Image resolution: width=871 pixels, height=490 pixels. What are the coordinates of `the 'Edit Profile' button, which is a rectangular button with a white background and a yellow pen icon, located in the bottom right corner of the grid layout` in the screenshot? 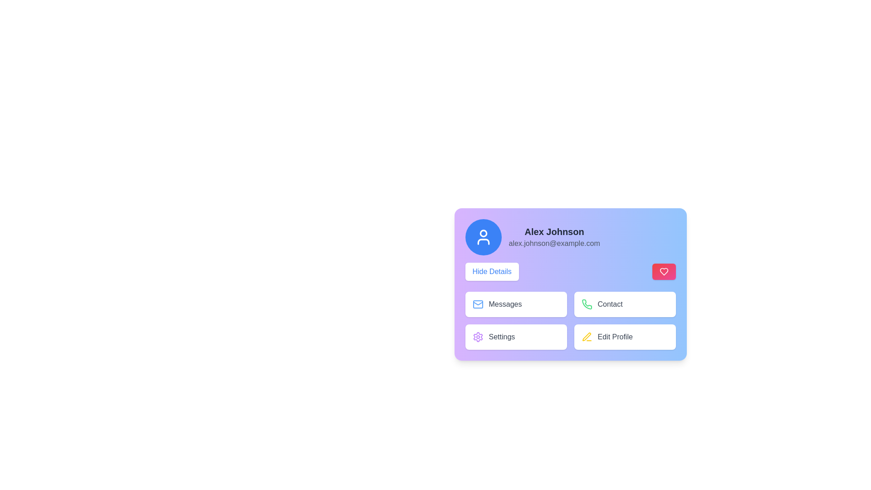 It's located at (624, 337).